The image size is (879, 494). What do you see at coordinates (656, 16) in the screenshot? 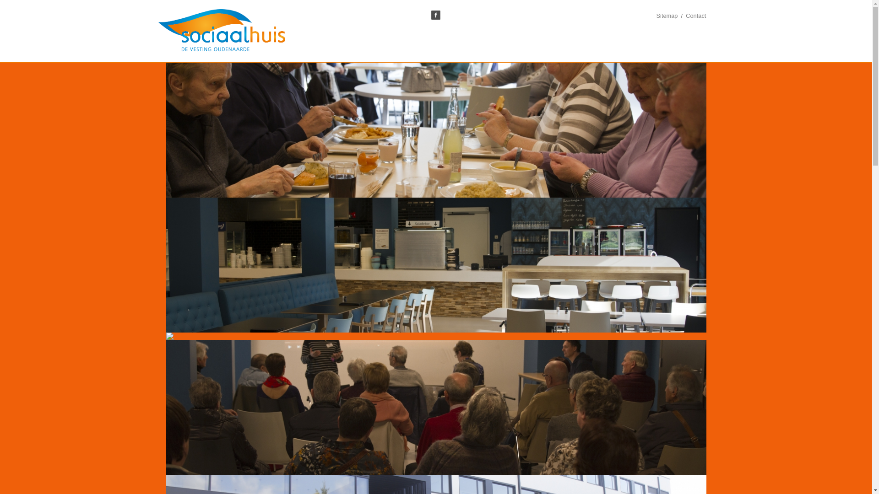
I see `'Sitemap'` at bounding box center [656, 16].